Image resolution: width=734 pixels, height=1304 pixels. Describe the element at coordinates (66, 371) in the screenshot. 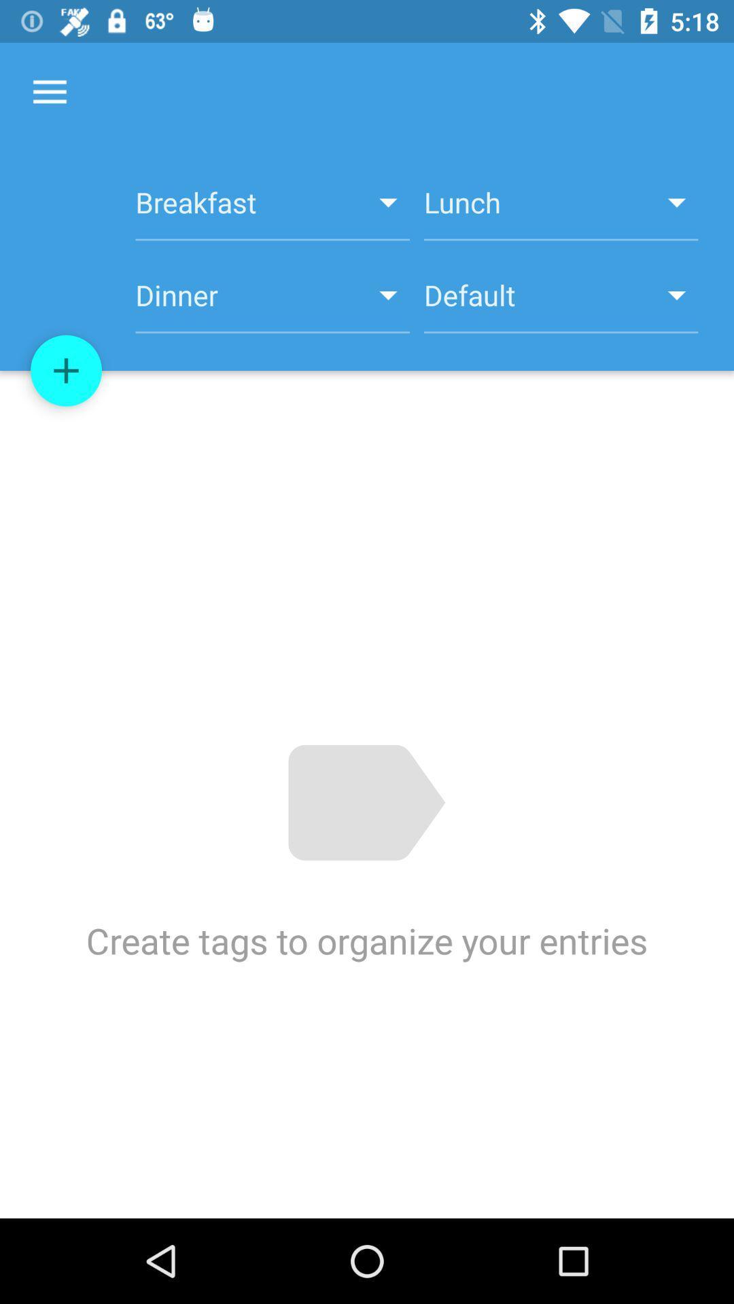

I see `entry` at that location.